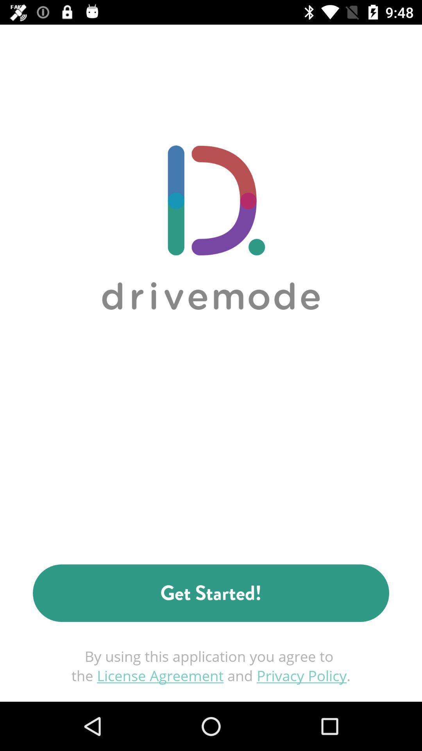 This screenshot has width=422, height=751. What do you see at coordinates (211, 665) in the screenshot?
I see `by using this` at bounding box center [211, 665].